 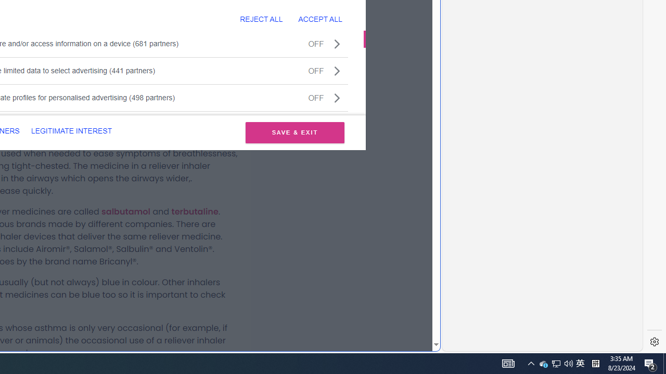 What do you see at coordinates (195, 211) in the screenshot?
I see `'terbutaline'` at bounding box center [195, 211].